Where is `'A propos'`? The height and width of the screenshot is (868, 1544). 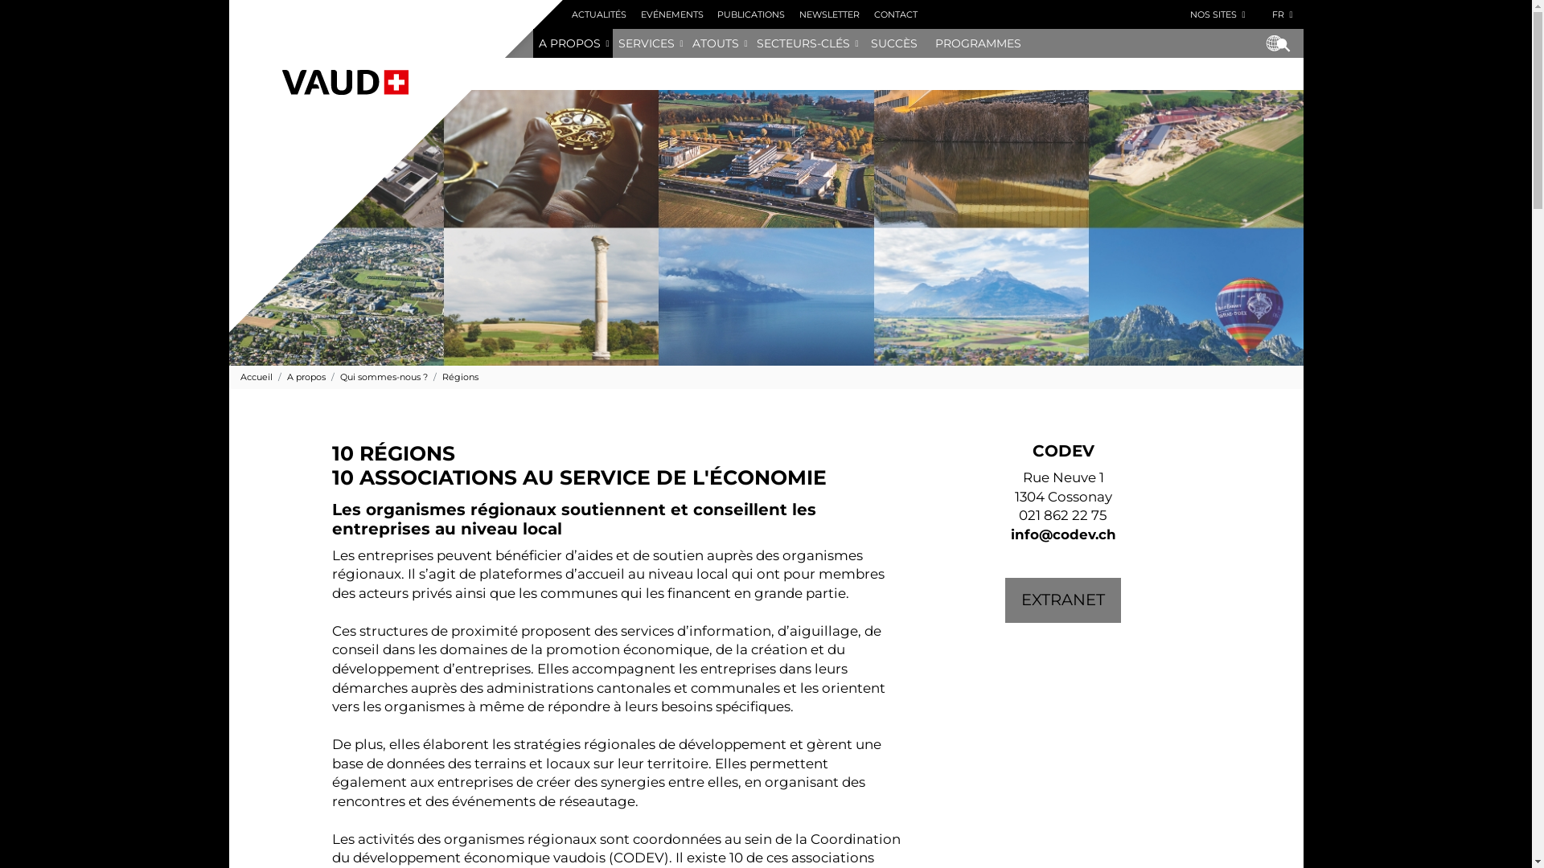 'A propos' is located at coordinates (298, 377).